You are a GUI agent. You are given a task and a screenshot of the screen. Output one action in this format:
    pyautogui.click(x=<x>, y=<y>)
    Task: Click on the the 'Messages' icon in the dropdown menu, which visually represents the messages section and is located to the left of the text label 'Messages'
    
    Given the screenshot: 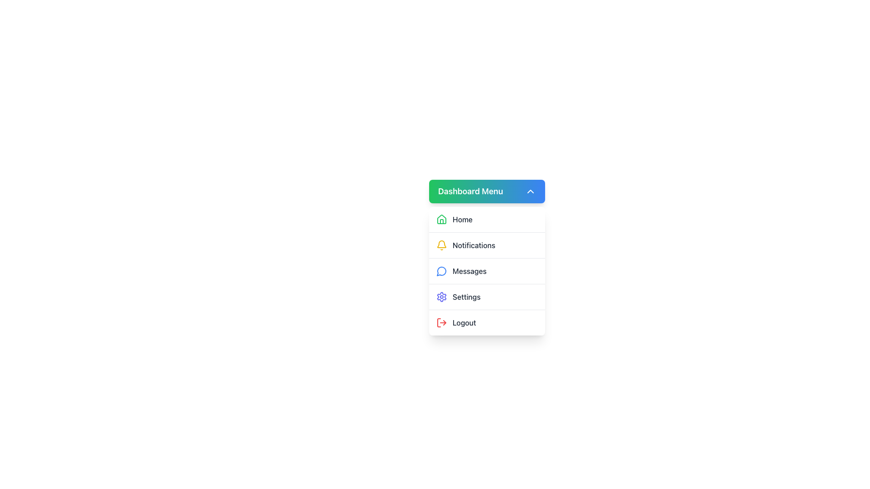 What is the action you would take?
    pyautogui.click(x=441, y=270)
    